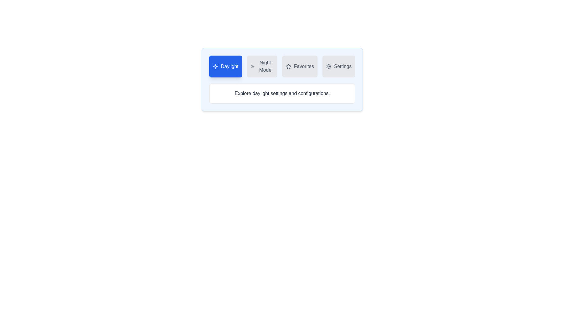 This screenshot has height=328, width=584. I want to click on the Settings tab to observe hover effects, so click(339, 67).